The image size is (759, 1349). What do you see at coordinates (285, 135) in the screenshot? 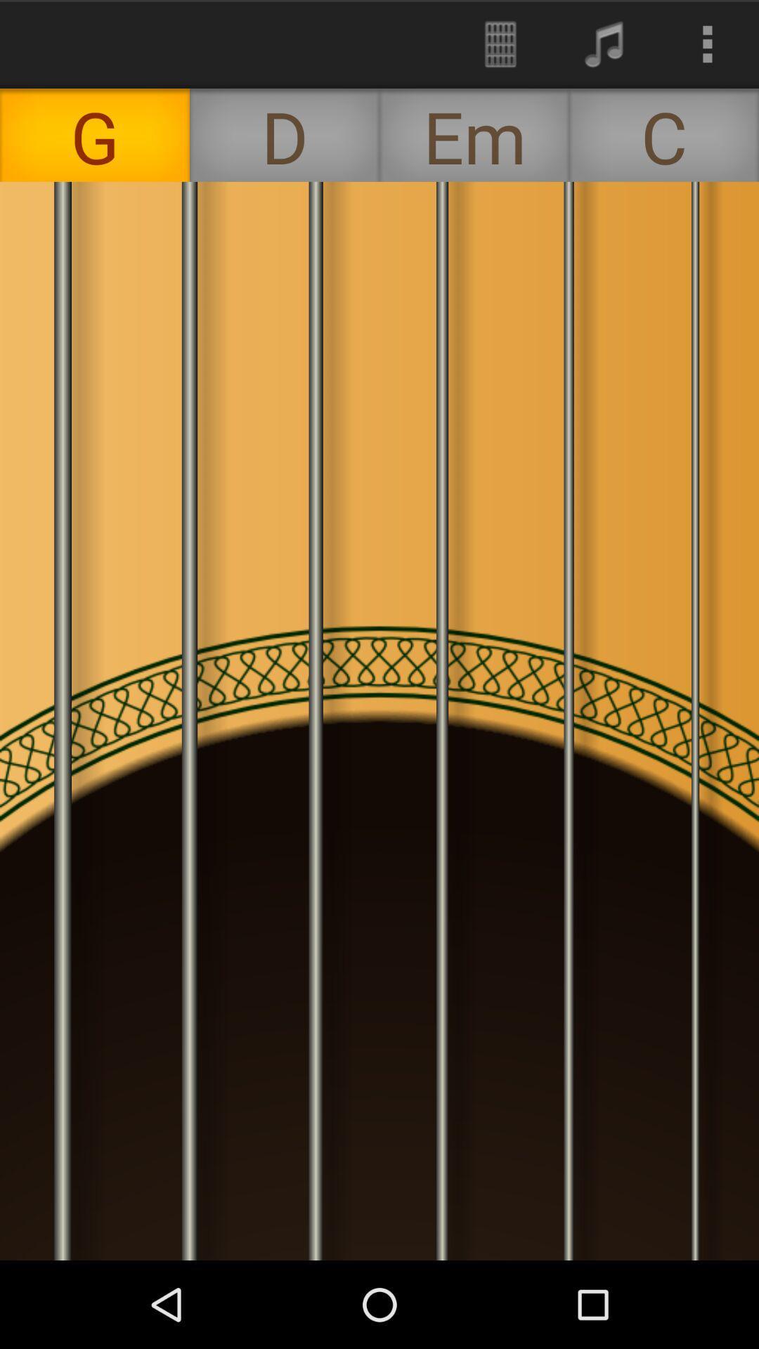
I see `the d` at bounding box center [285, 135].